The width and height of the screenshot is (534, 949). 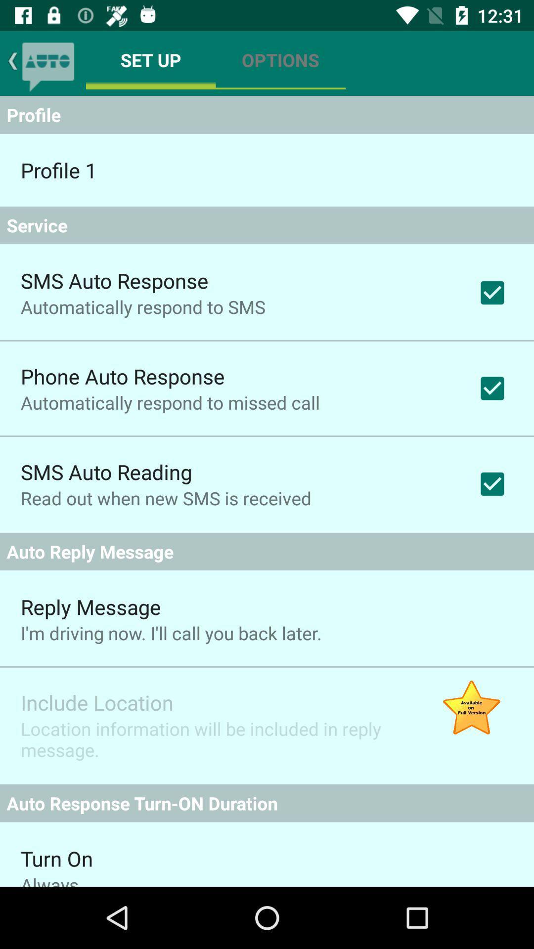 I want to click on item above service app, so click(x=58, y=170).